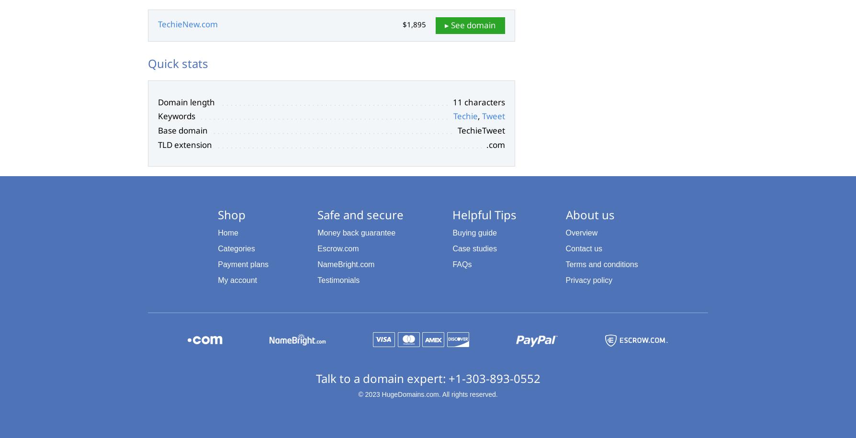 The width and height of the screenshot is (856, 438). I want to click on ',', so click(478, 116).